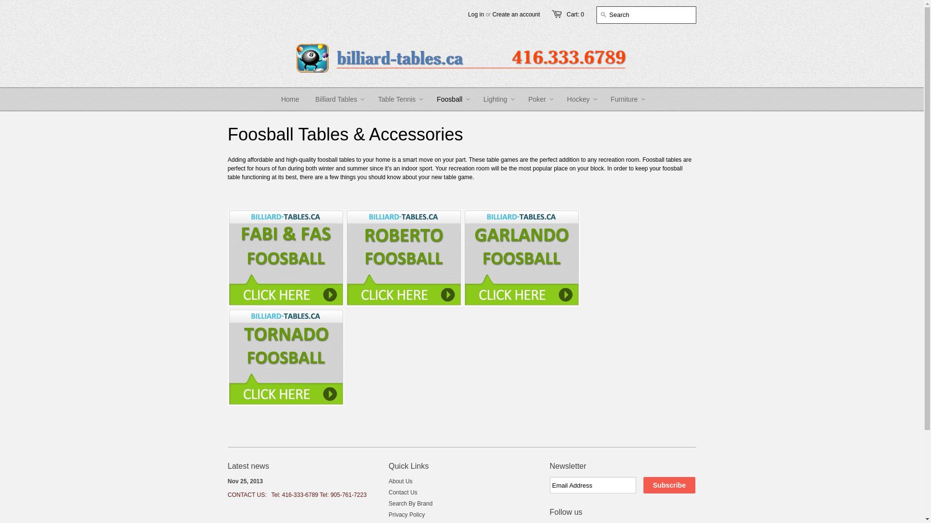 This screenshot has width=931, height=523. What do you see at coordinates (289, 99) in the screenshot?
I see `'Home'` at bounding box center [289, 99].